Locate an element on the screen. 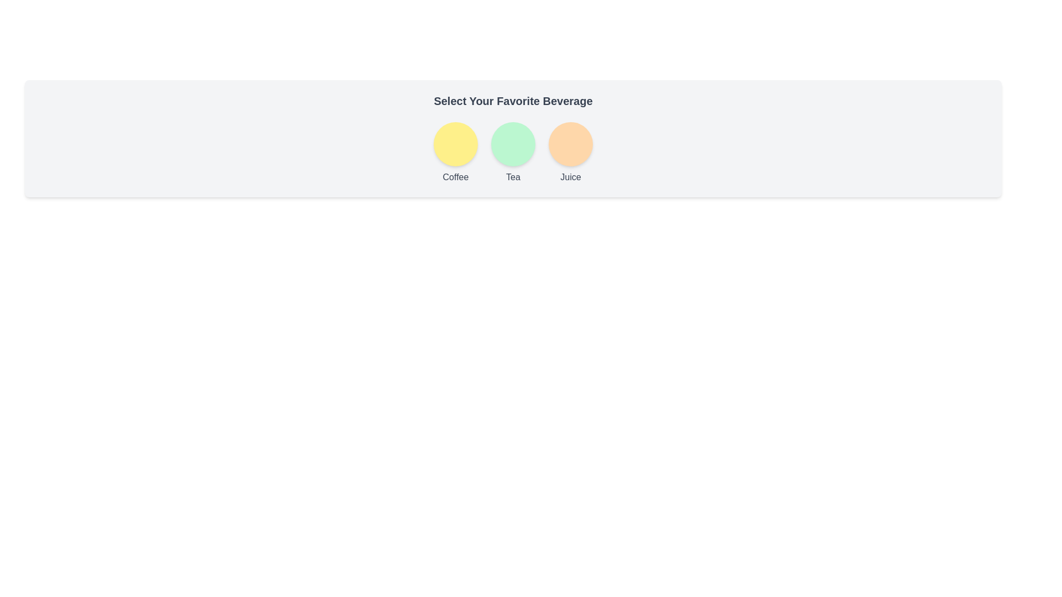 The height and width of the screenshot is (597, 1062). the 'Juice' selectable option in the beverage preference selection interface is located at coordinates (571, 144).